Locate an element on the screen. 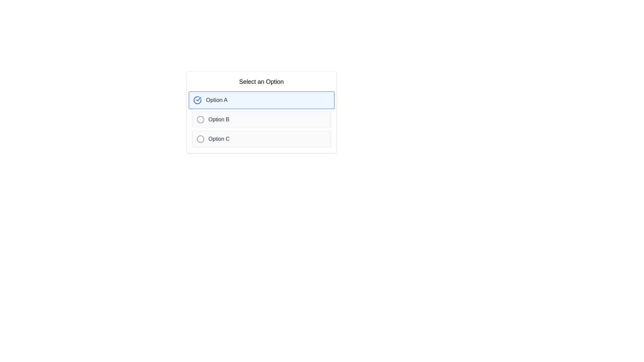 This screenshot has height=362, width=644. the radio indicator for 'Option C' is located at coordinates (200, 139).